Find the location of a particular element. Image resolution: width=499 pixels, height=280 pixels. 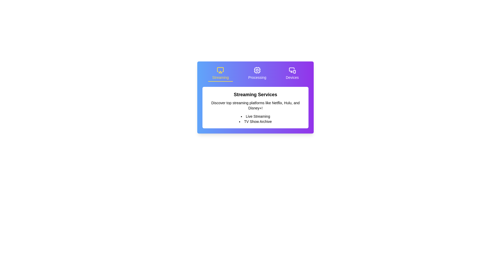

the second tab in the navigation layout to switch to the 'Processing' section, which is located between the 'Streaming' tab on the left and the 'Devices' tab on the right is located at coordinates (257, 74).